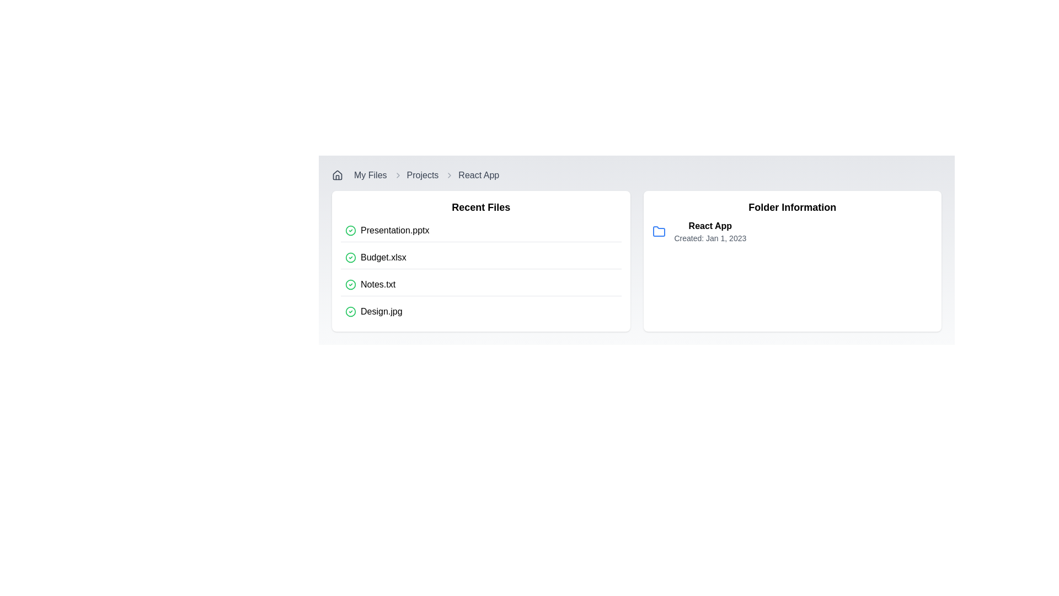  What do you see at coordinates (659, 231) in the screenshot?
I see `the folder icon representing the 'React App' project, which is located at the far left of the 'Folder Information' section, above the text 'React App Created: Jan 1, 2023.'` at bounding box center [659, 231].